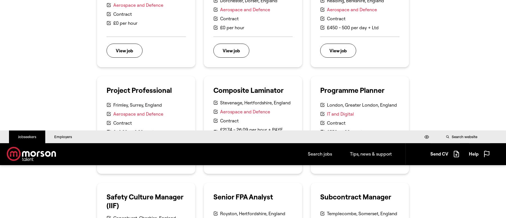 Image resolution: width=506 pixels, height=218 pixels. Describe the element at coordinates (412, 45) in the screenshot. I see `'Decline all cookies'` at that location.